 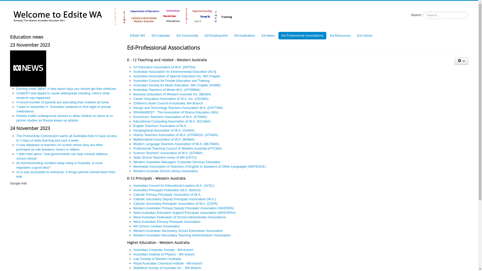 I want to click on 'Catholic Primary Principals' Assocation of W.A', so click(x=166, y=194).